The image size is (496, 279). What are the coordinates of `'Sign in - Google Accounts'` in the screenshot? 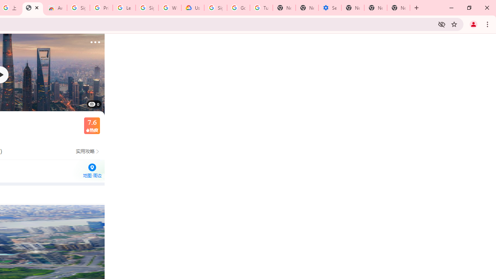 It's located at (147, 8).